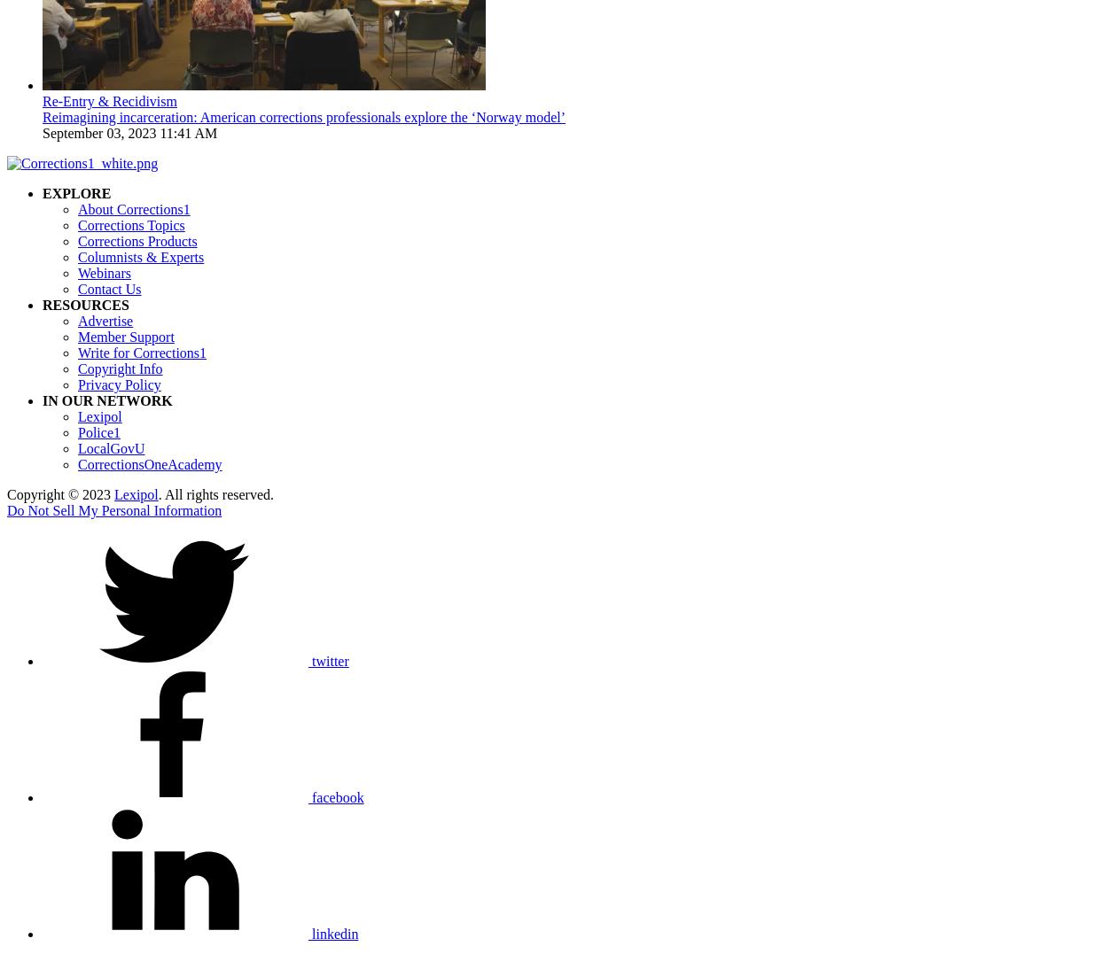  What do you see at coordinates (126, 337) in the screenshot?
I see `'Member Support'` at bounding box center [126, 337].